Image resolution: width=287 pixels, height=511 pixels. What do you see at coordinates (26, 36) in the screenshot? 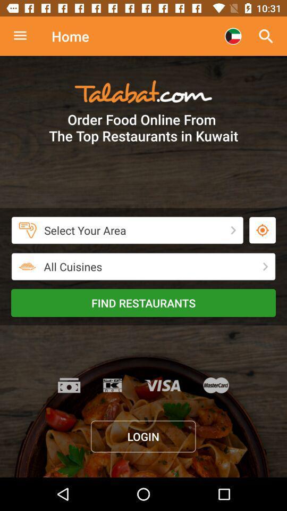
I see `go customize` at bounding box center [26, 36].